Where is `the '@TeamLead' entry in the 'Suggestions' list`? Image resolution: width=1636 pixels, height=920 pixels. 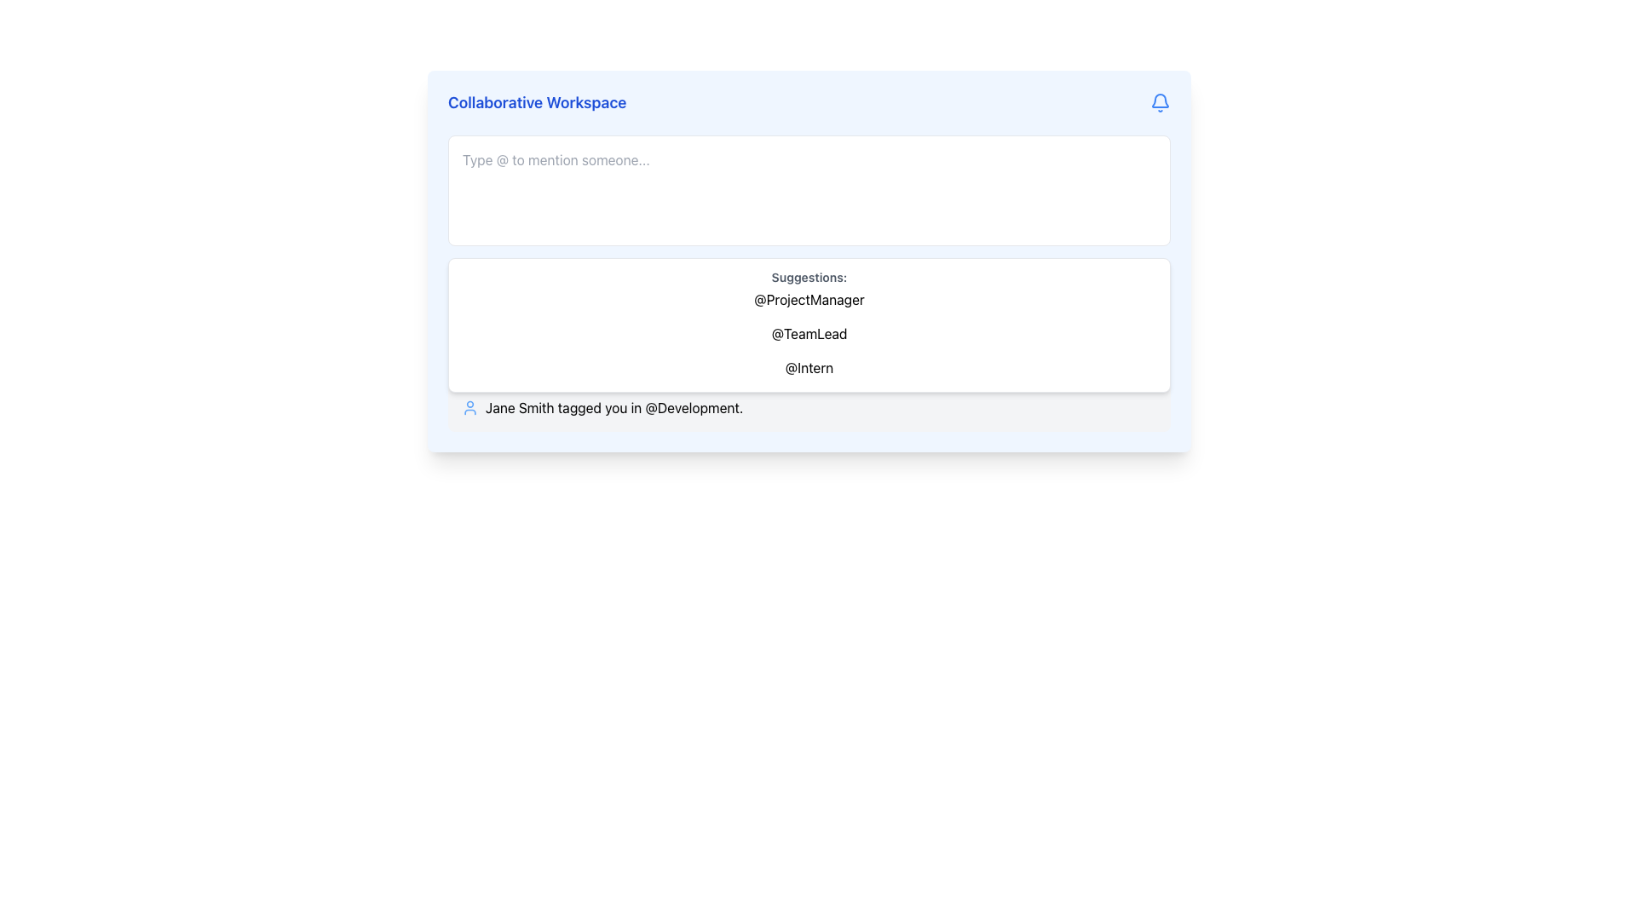 the '@TeamLead' entry in the 'Suggestions' list is located at coordinates (809, 334).